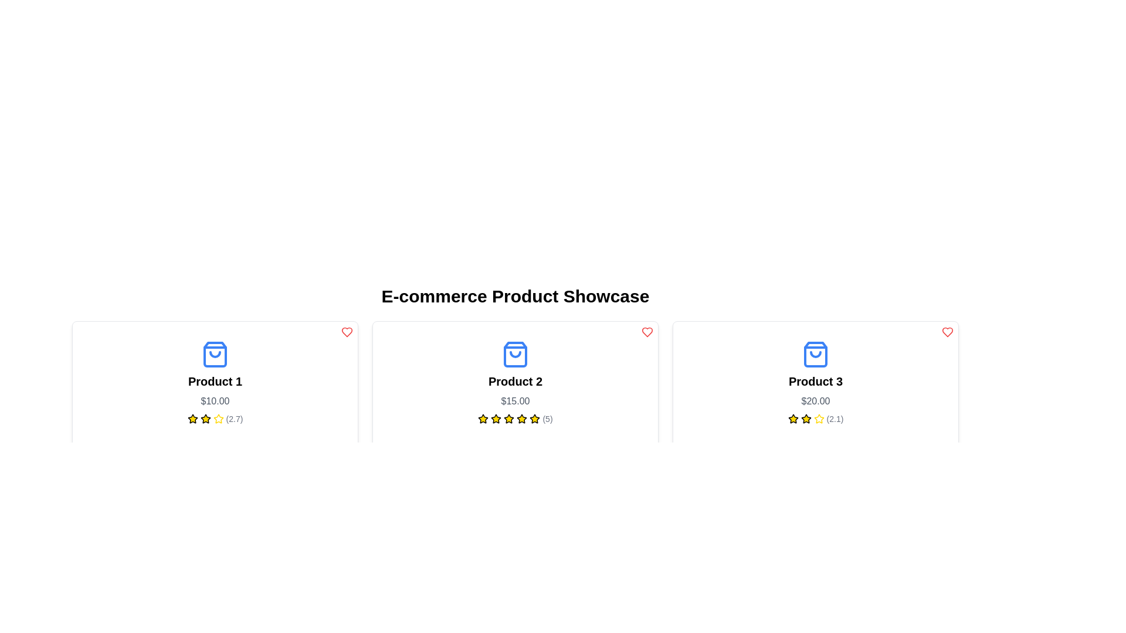  What do you see at coordinates (515, 382) in the screenshot?
I see `the text 'Product 2' located in the central product card, positioned below a shopping bag icon and above a price label and rating stars` at bounding box center [515, 382].